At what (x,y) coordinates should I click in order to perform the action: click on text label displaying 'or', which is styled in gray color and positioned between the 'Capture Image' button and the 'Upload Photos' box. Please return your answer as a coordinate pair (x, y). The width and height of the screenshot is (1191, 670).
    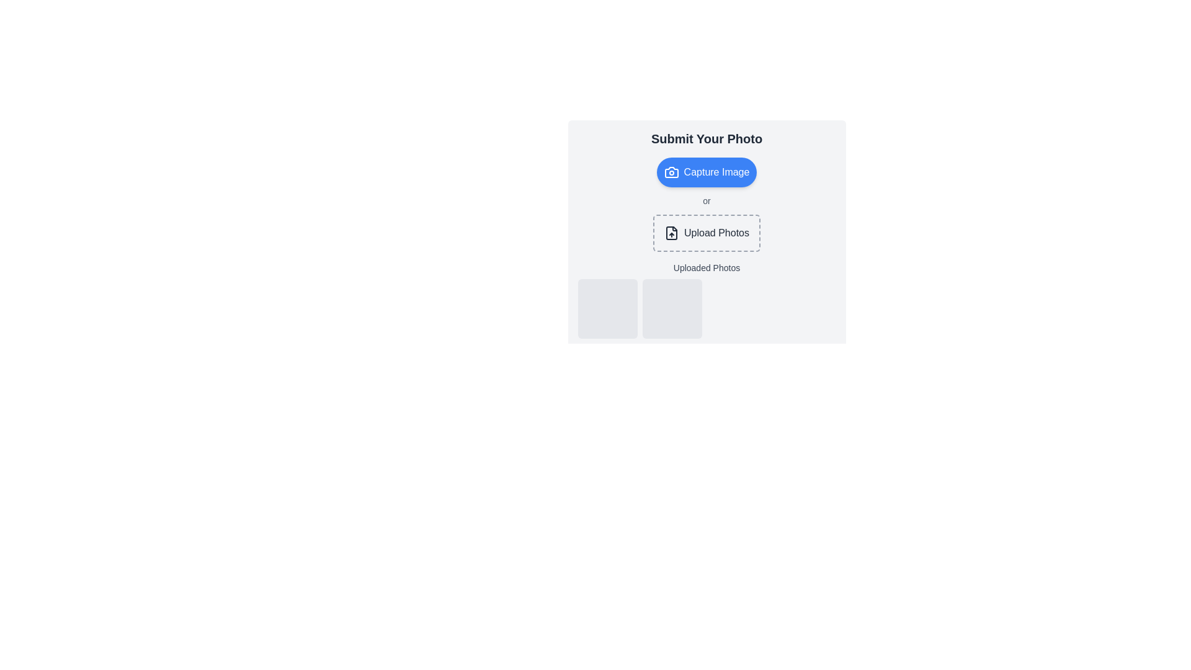
    Looking at the image, I should click on (707, 200).